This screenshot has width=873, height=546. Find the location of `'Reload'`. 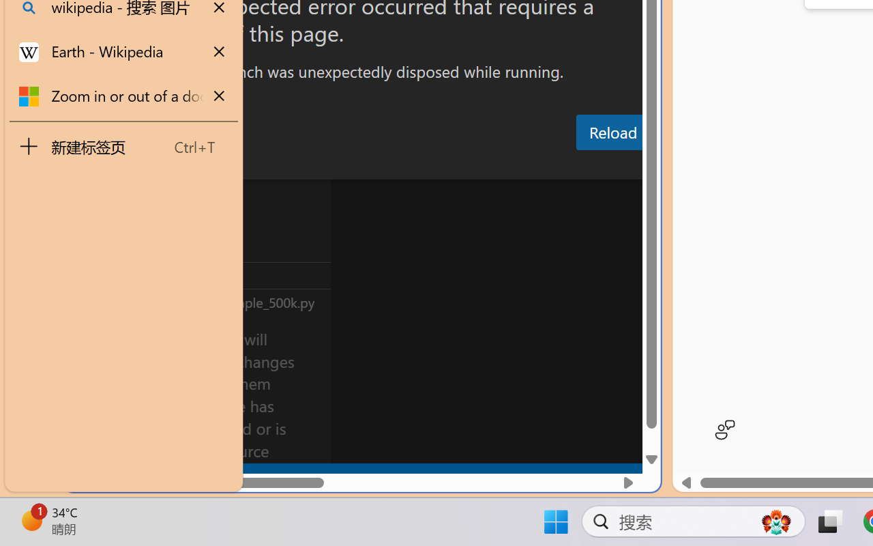

'Reload' is located at coordinates (612, 131).